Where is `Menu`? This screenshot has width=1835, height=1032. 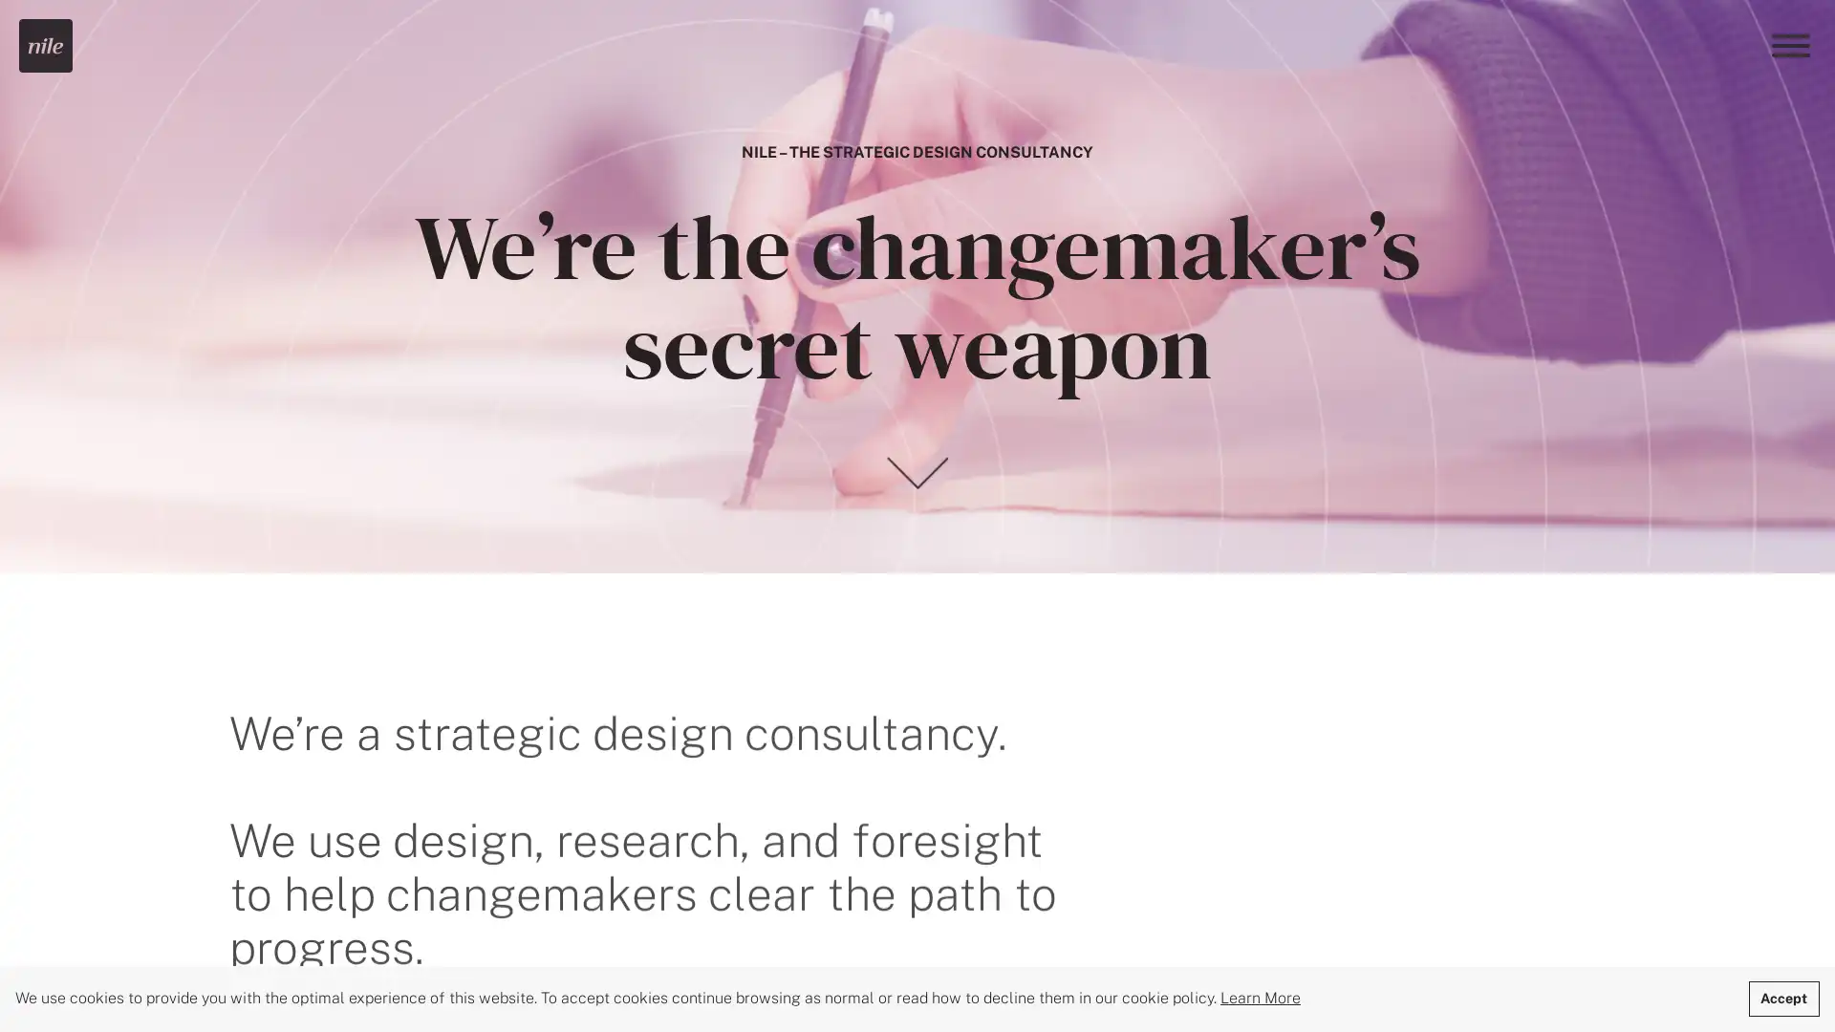 Menu is located at coordinates (1789, 44).